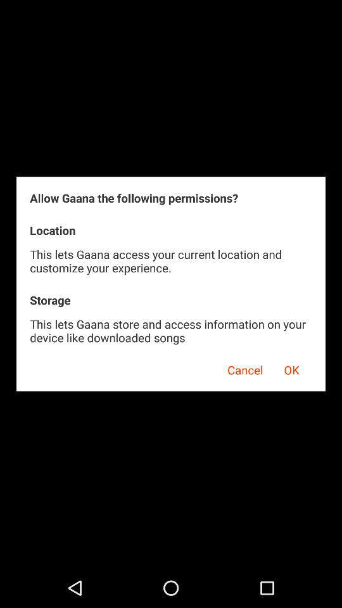 This screenshot has height=608, width=342. What do you see at coordinates (241, 368) in the screenshot?
I see `the item next to the ok app` at bounding box center [241, 368].